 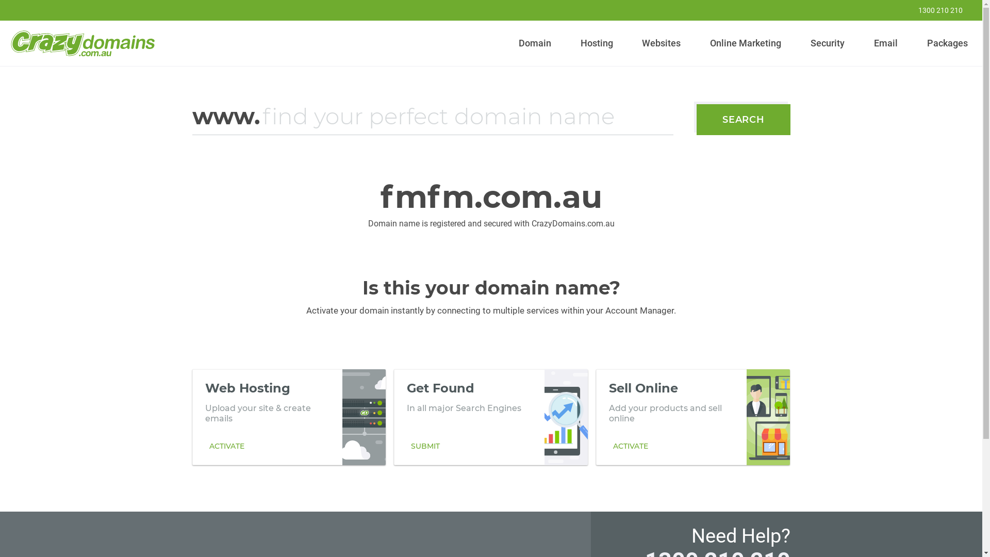 What do you see at coordinates (693, 417) in the screenshot?
I see `'Sell Online` at bounding box center [693, 417].